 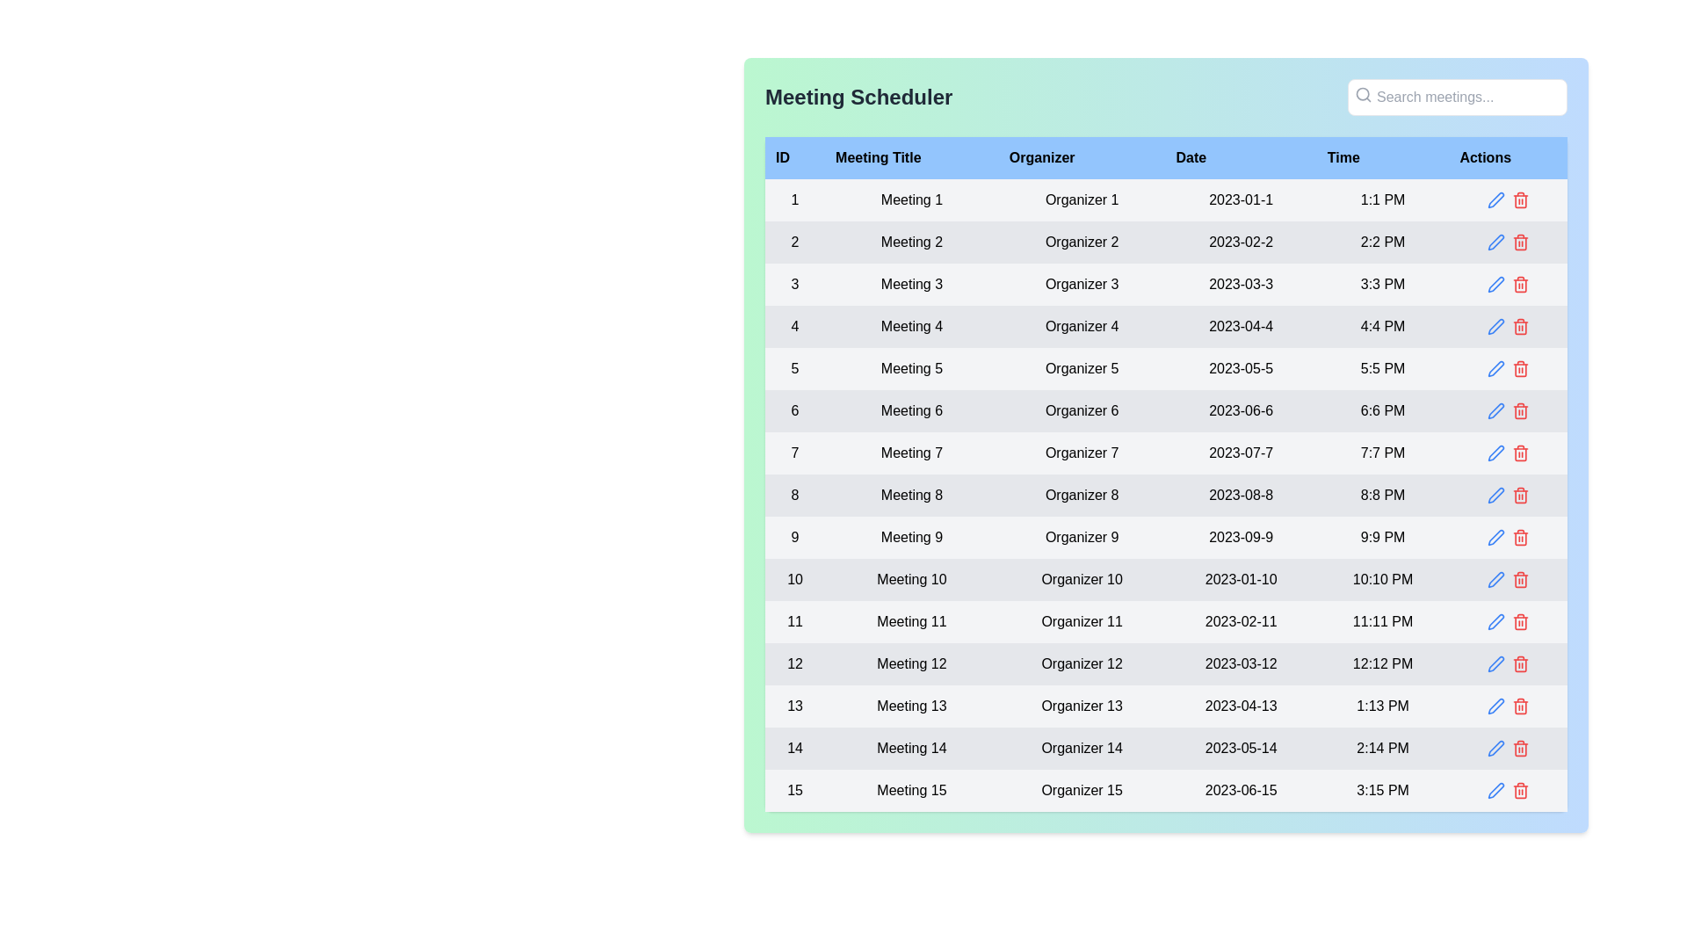 What do you see at coordinates (1382, 243) in the screenshot?
I see `the 'Time' label in the second row of the table that displays the scheduled meeting time` at bounding box center [1382, 243].